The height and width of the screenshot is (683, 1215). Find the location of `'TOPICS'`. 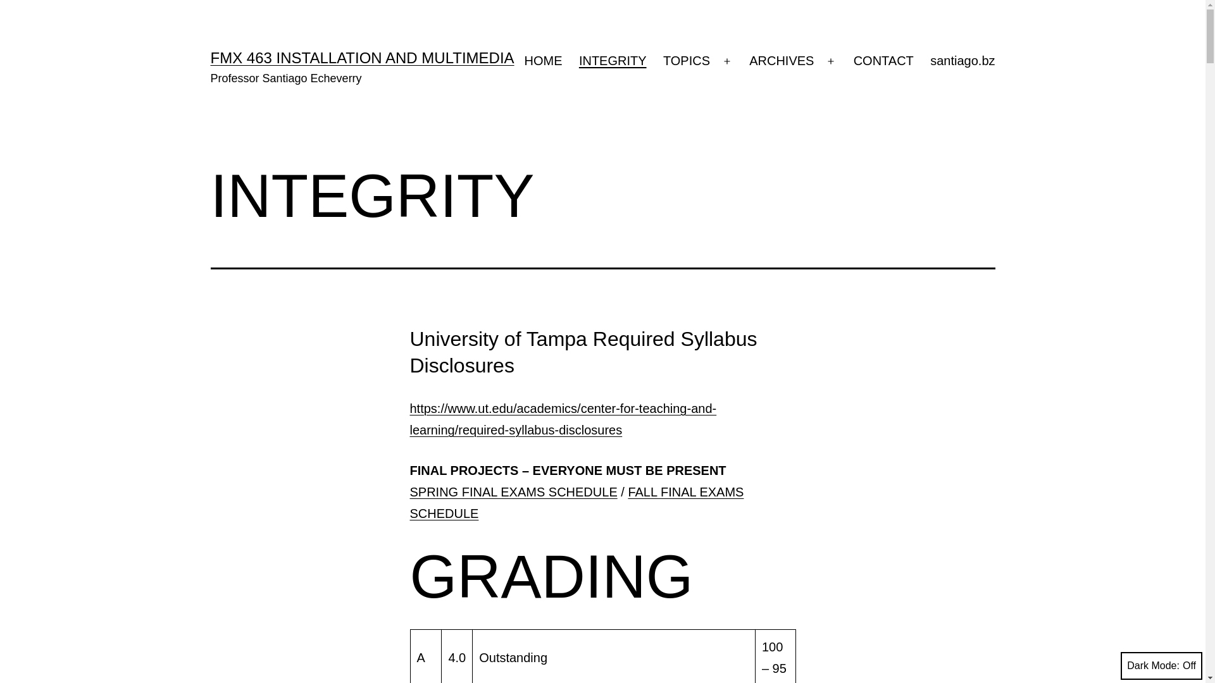

'TOPICS' is located at coordinates (685, 61).